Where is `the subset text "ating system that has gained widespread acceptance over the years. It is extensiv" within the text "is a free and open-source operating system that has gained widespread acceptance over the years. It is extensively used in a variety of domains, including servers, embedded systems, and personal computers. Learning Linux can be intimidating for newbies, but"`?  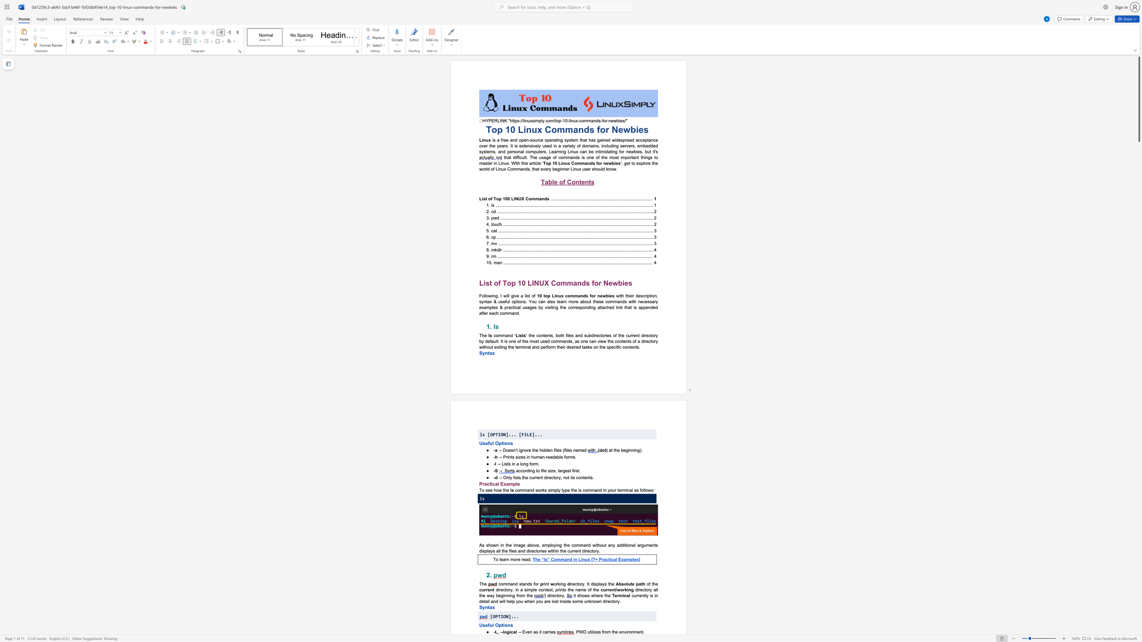
the subset text "ating system that has gained widespread acceptance over the years. It is extensiv" within the text "is a free and open-source operating system that has gained widespread acceptance over the years. It is extensively used in a variety of domains, including servers, embedded systems, and personal computers. Learning Linux can be intimidating for newbies, but" is located at coordinates (552, 140).